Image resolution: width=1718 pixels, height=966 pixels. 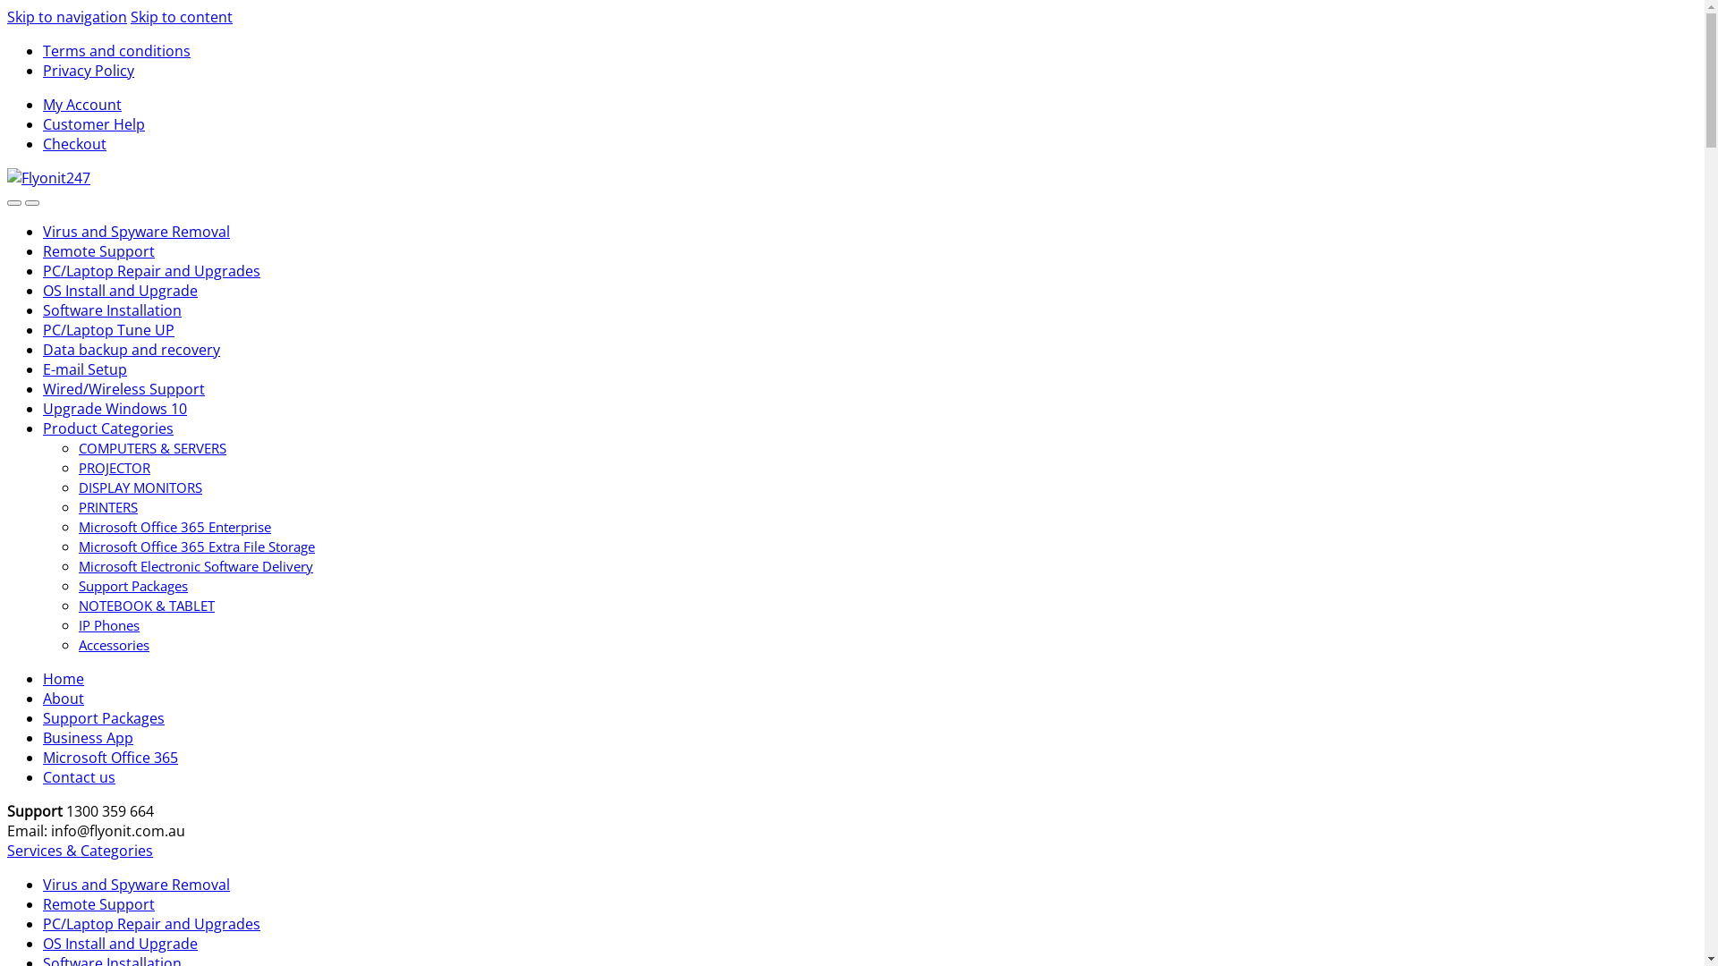 I want to click on 'Services & Categories', so click(x=79, y=850).